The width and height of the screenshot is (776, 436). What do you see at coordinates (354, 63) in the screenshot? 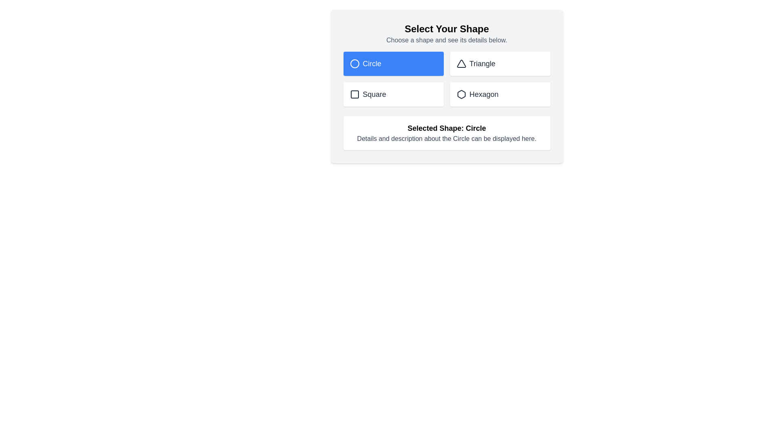
I see `the 'Circle' icon within the shape selector interface, located at the top-left button of the shape selector group` at bounding box center [354, 63].